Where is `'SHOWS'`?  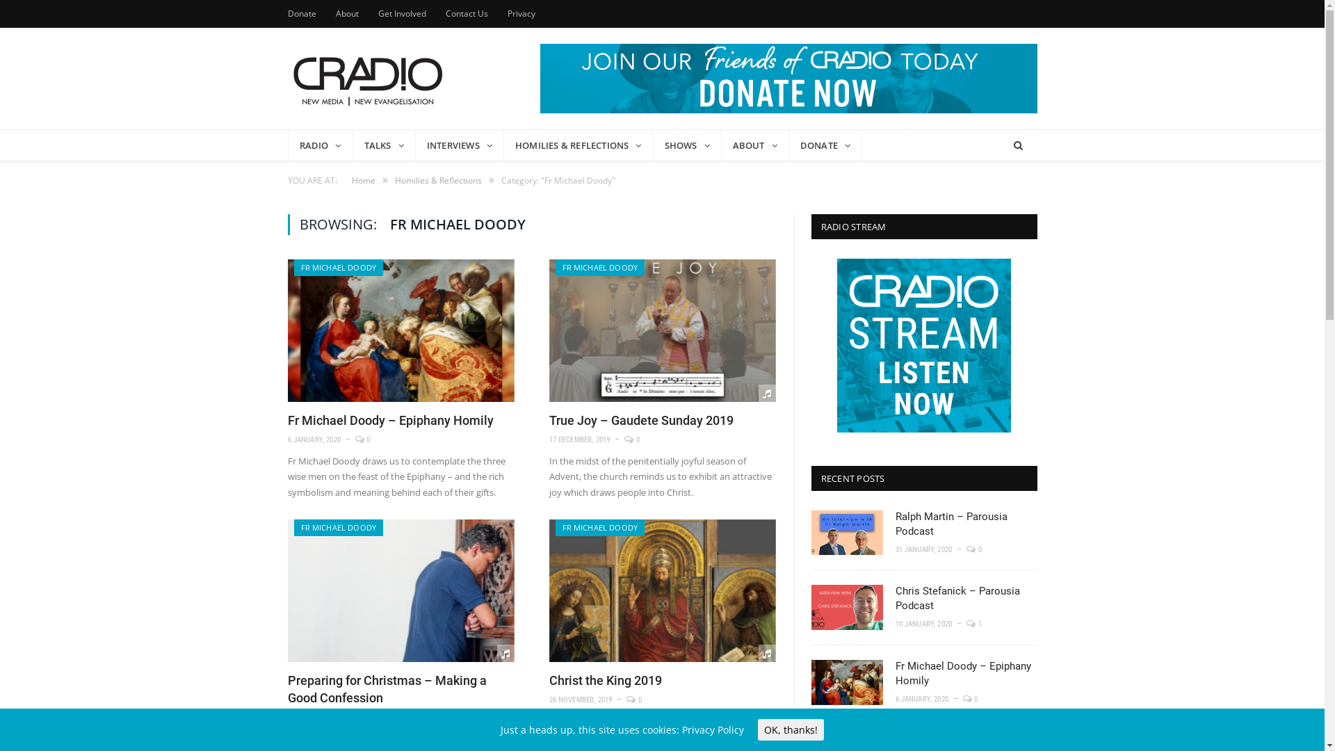 'SHOWS' is located at coordinates (687, 145).